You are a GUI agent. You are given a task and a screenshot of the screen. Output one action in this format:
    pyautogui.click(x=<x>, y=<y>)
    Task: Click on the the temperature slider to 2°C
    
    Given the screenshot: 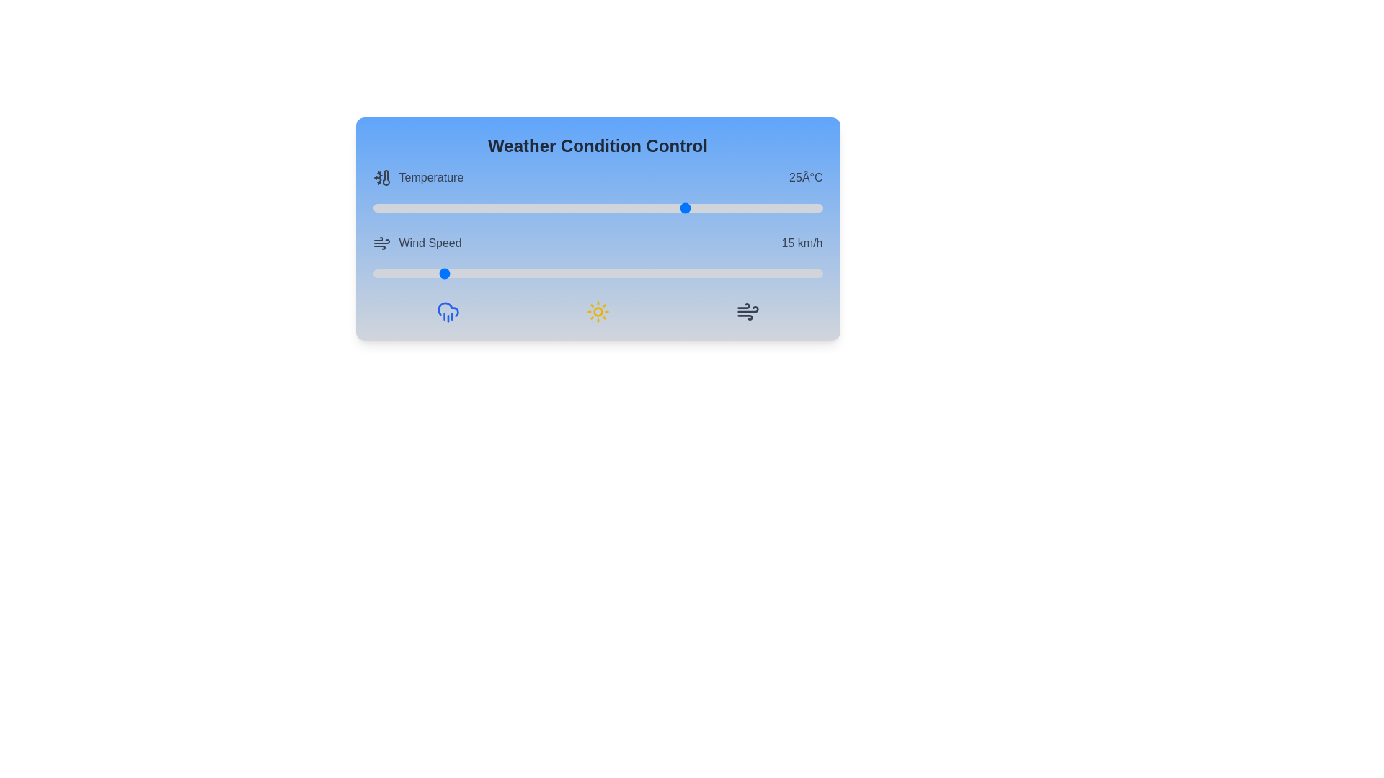 What is the action you would take?
    pyautogui.click(x=481, y=208)
    